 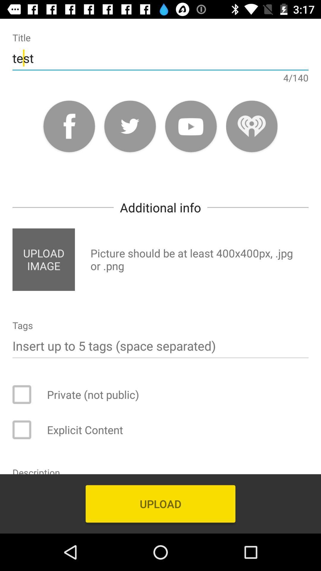 I want to click on share to facebook, so click(x=69, y=126).